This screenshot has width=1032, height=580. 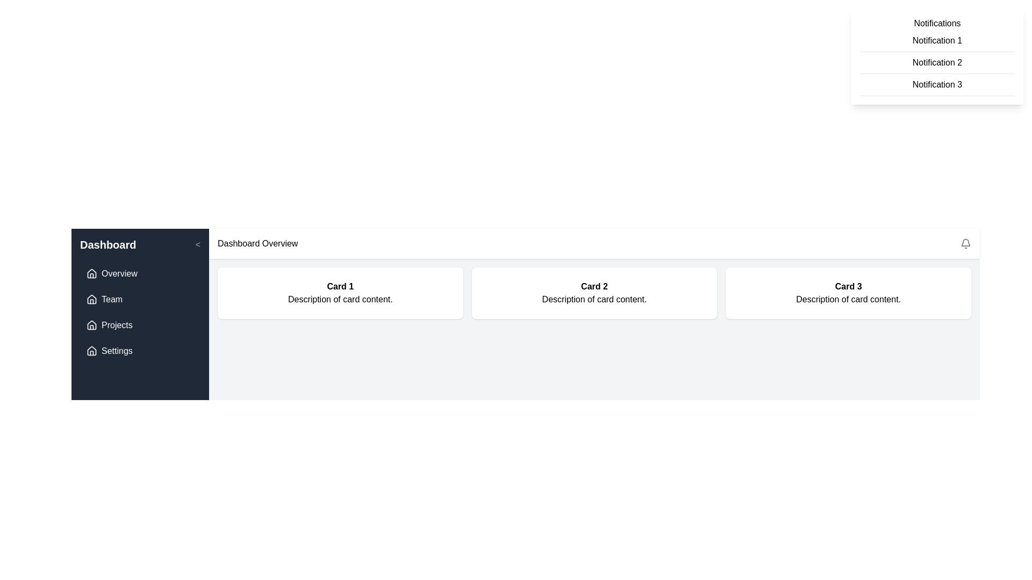 What do you see at coordinates (340, 286) in the screenshot?
I see `the title text of the leftmost card in the dashboard overview section, which serves as a succinct identifier for the card's content` at bounding box center [340, 286].